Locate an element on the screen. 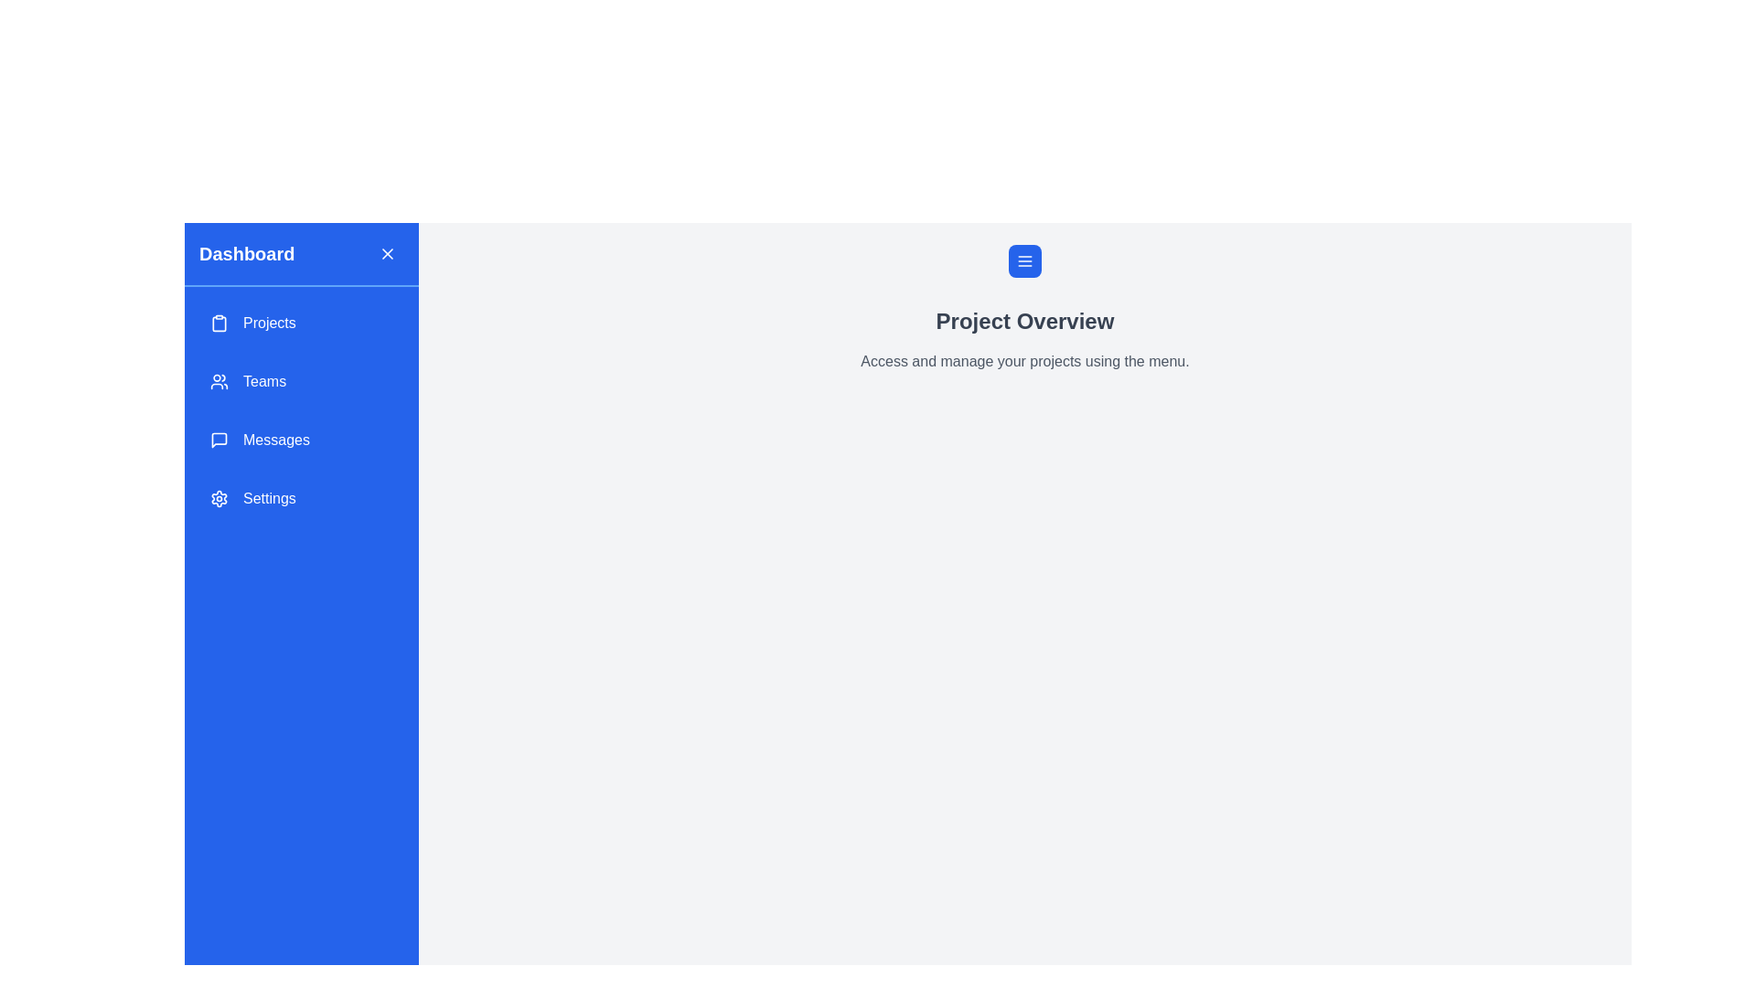 This screenshot has height=987, width=1756. the circular blue button with an 'X' icon located at the top-right part of the sidebar header to change its background color is located at coordinates (386, 253).